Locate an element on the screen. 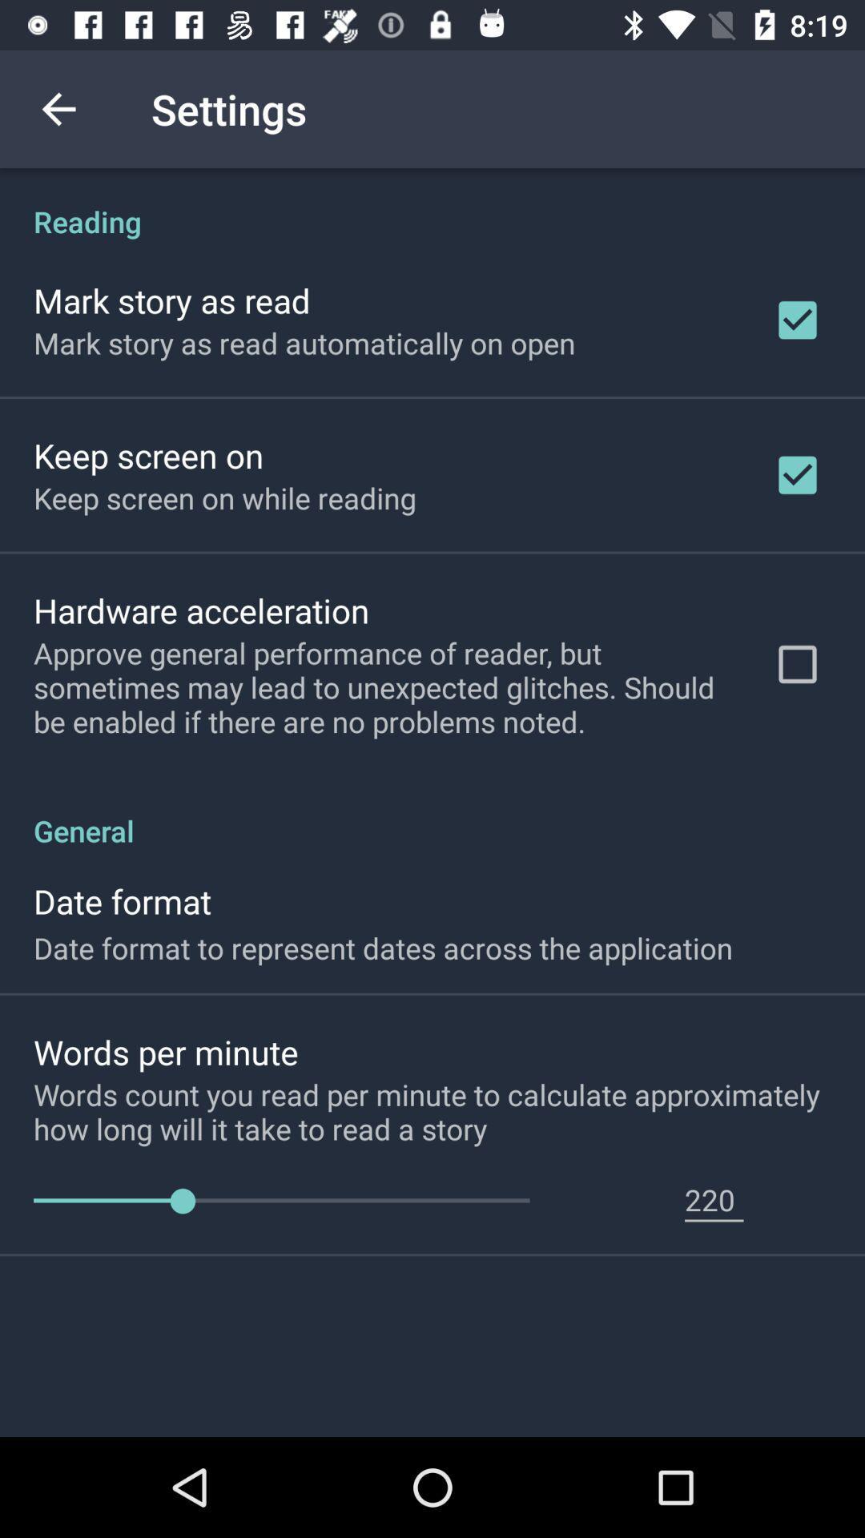 Image resolution: width=865 pixels, height=1538 pixels. approve general performance is located at coordinates (382, 687).